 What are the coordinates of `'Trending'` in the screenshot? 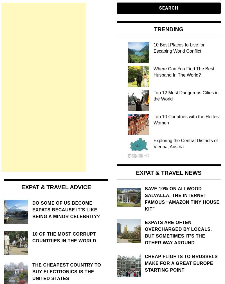 It's located at (168, 29).